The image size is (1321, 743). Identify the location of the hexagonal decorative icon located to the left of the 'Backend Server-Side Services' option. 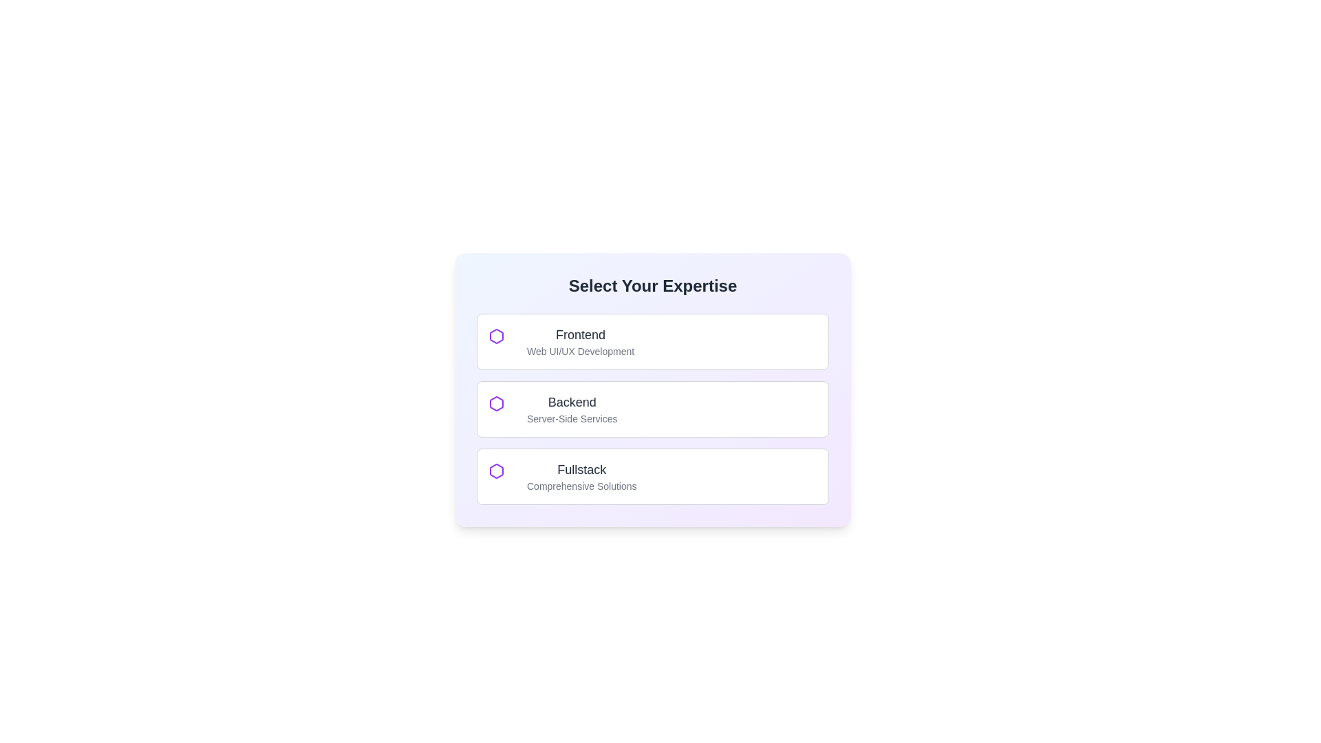
(495, 402).